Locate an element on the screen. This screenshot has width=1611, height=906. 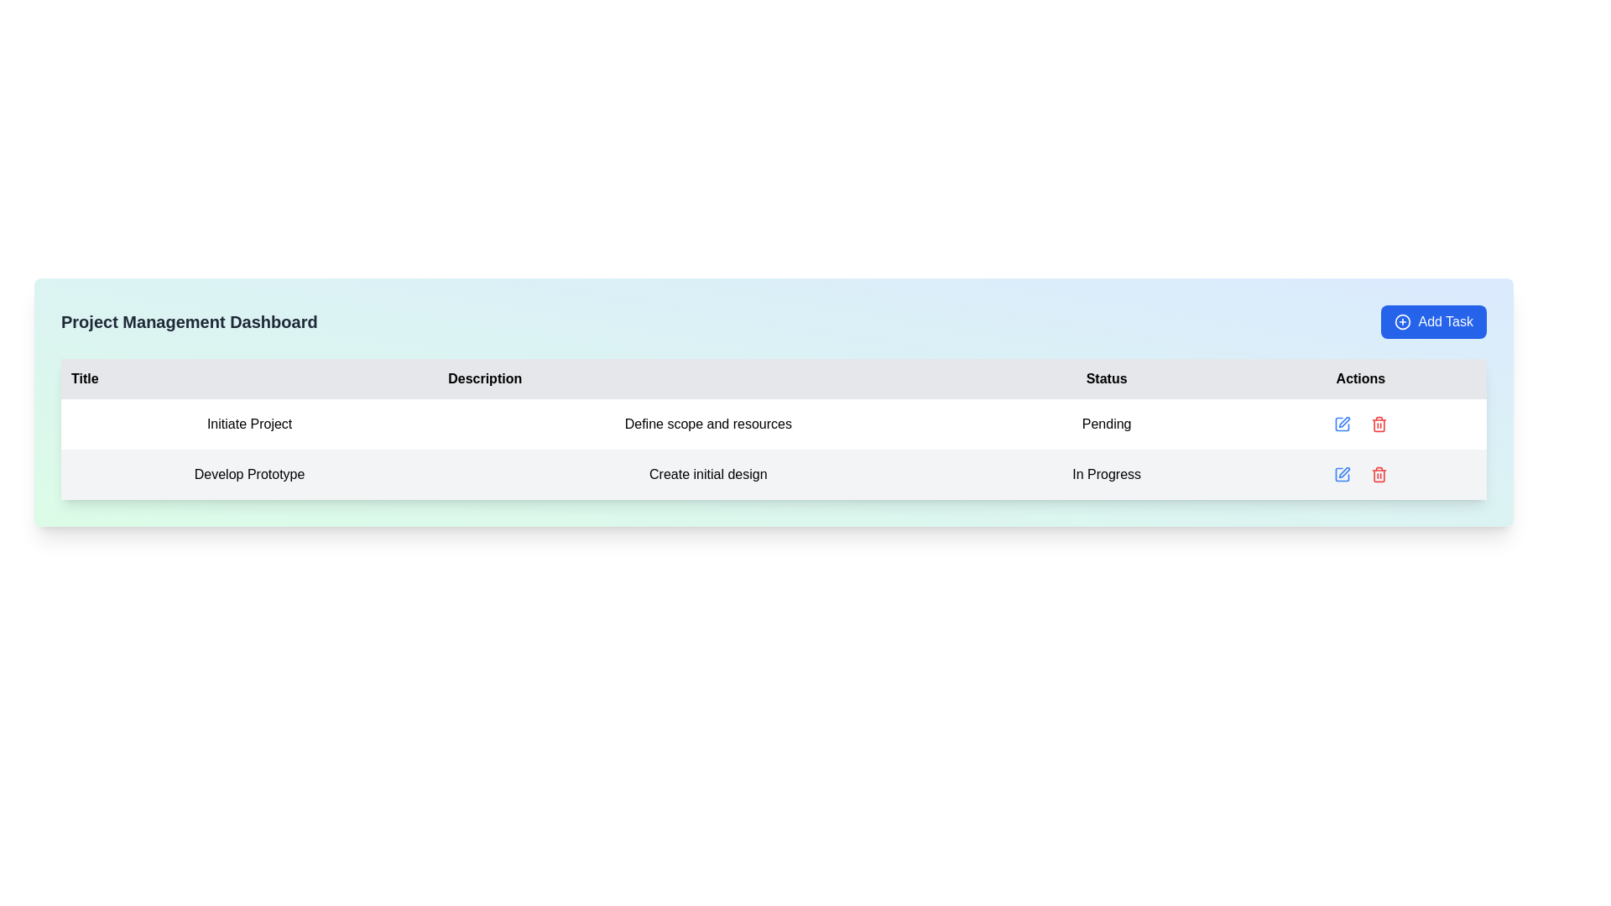
the trash can icon button in the 'Actions' column to initiate task deletion for the 'In Progress' task row is located at coordinates (1379, 476).